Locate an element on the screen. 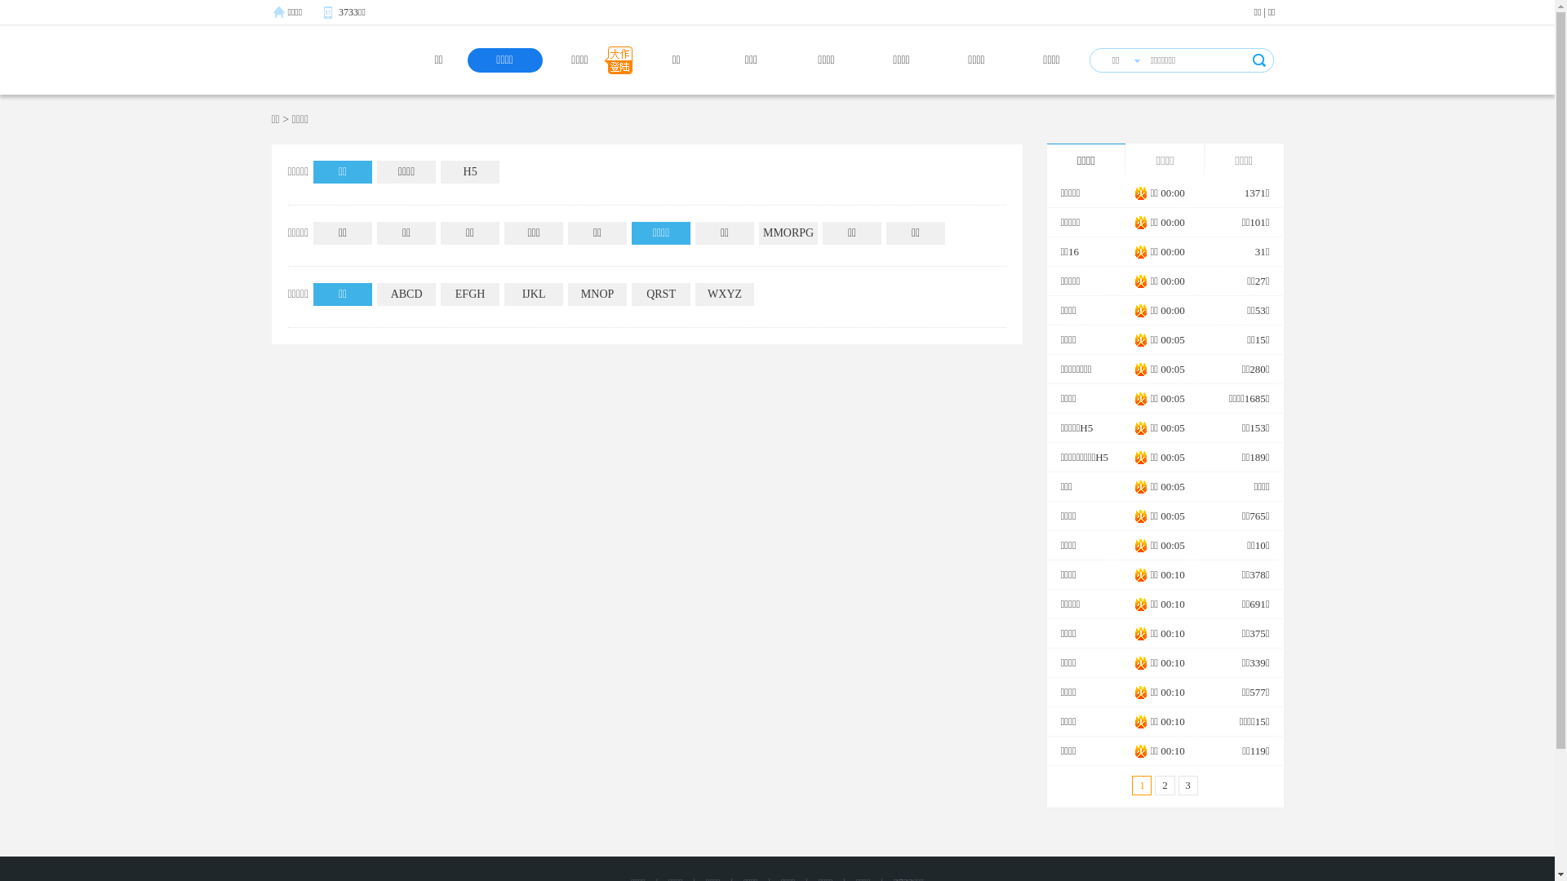 The height and width of the screenshot is (881, 1567). 'MMORPG' is located at coordinates (788, 232).